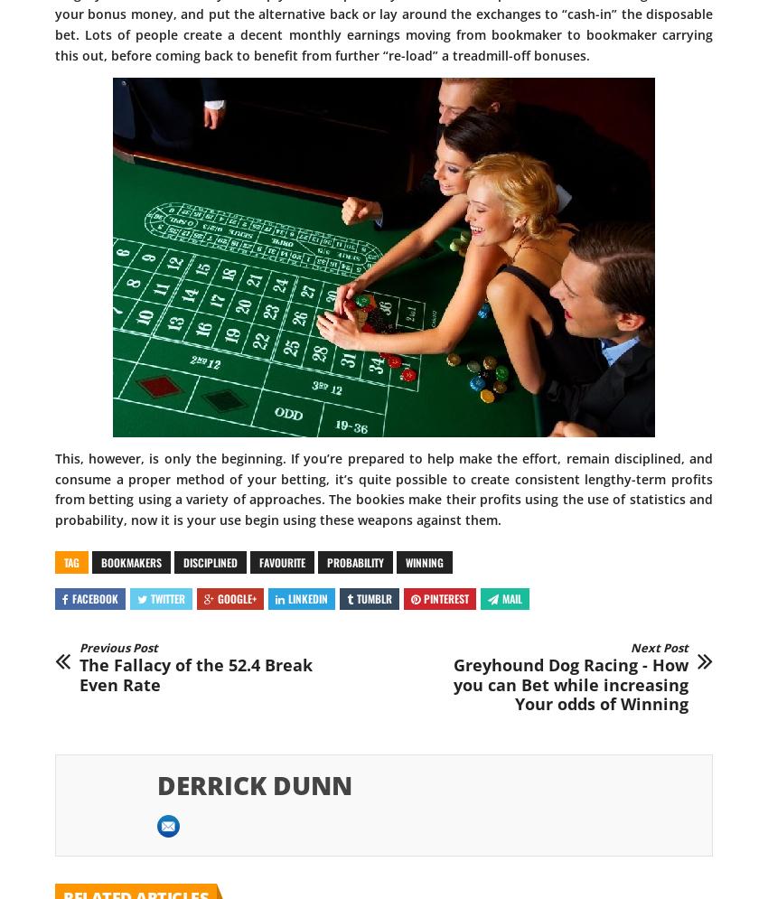 Image resolution: width=768 pixels, height=899 pixels. What do you see at coordinates (569, 683) in the screenshot?
I see `'Greyhound Dog Racing - How you can Bet while increasing Your odds of Winning'` at bounding box center [569, 683].